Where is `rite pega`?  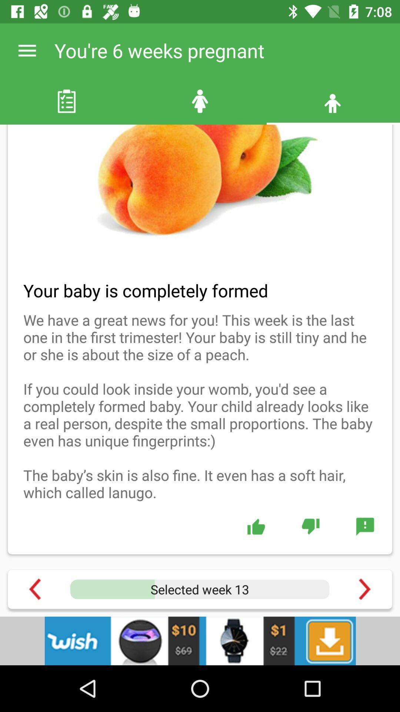 rite pega is located at coordinates (256, 526).